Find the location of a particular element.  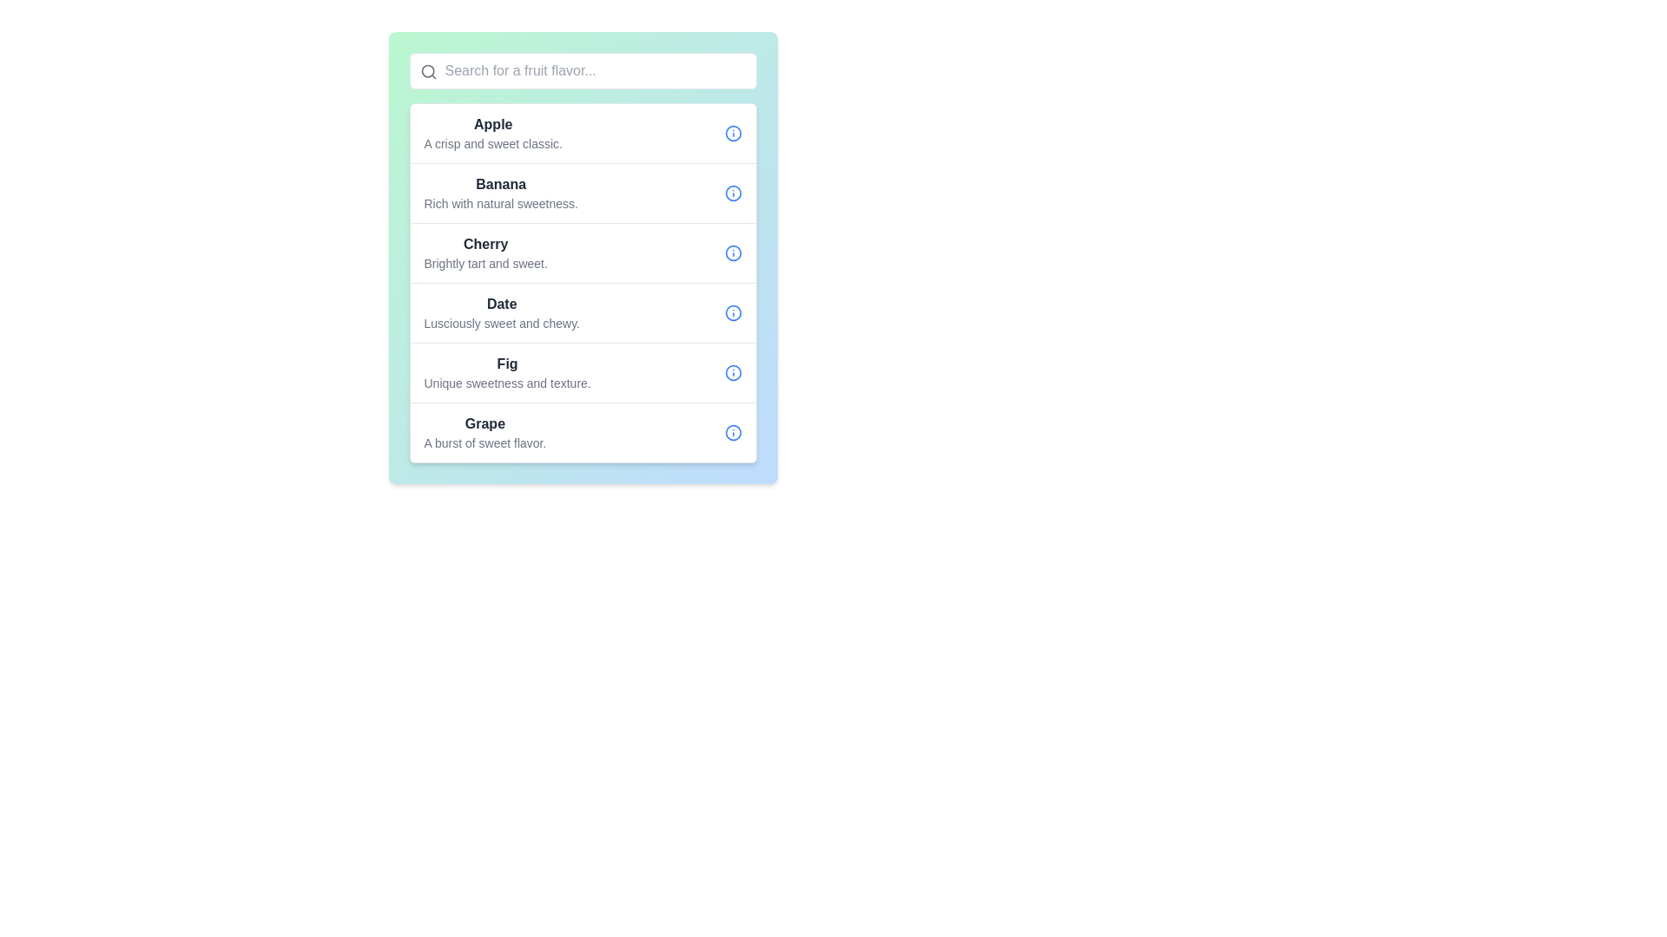

the 'Fig' flavor text label located in the fifth row of the scrolling menu, which is positioned above the descriptive text 'Unique sweetness and texture' is located at coordinates (506, 364).